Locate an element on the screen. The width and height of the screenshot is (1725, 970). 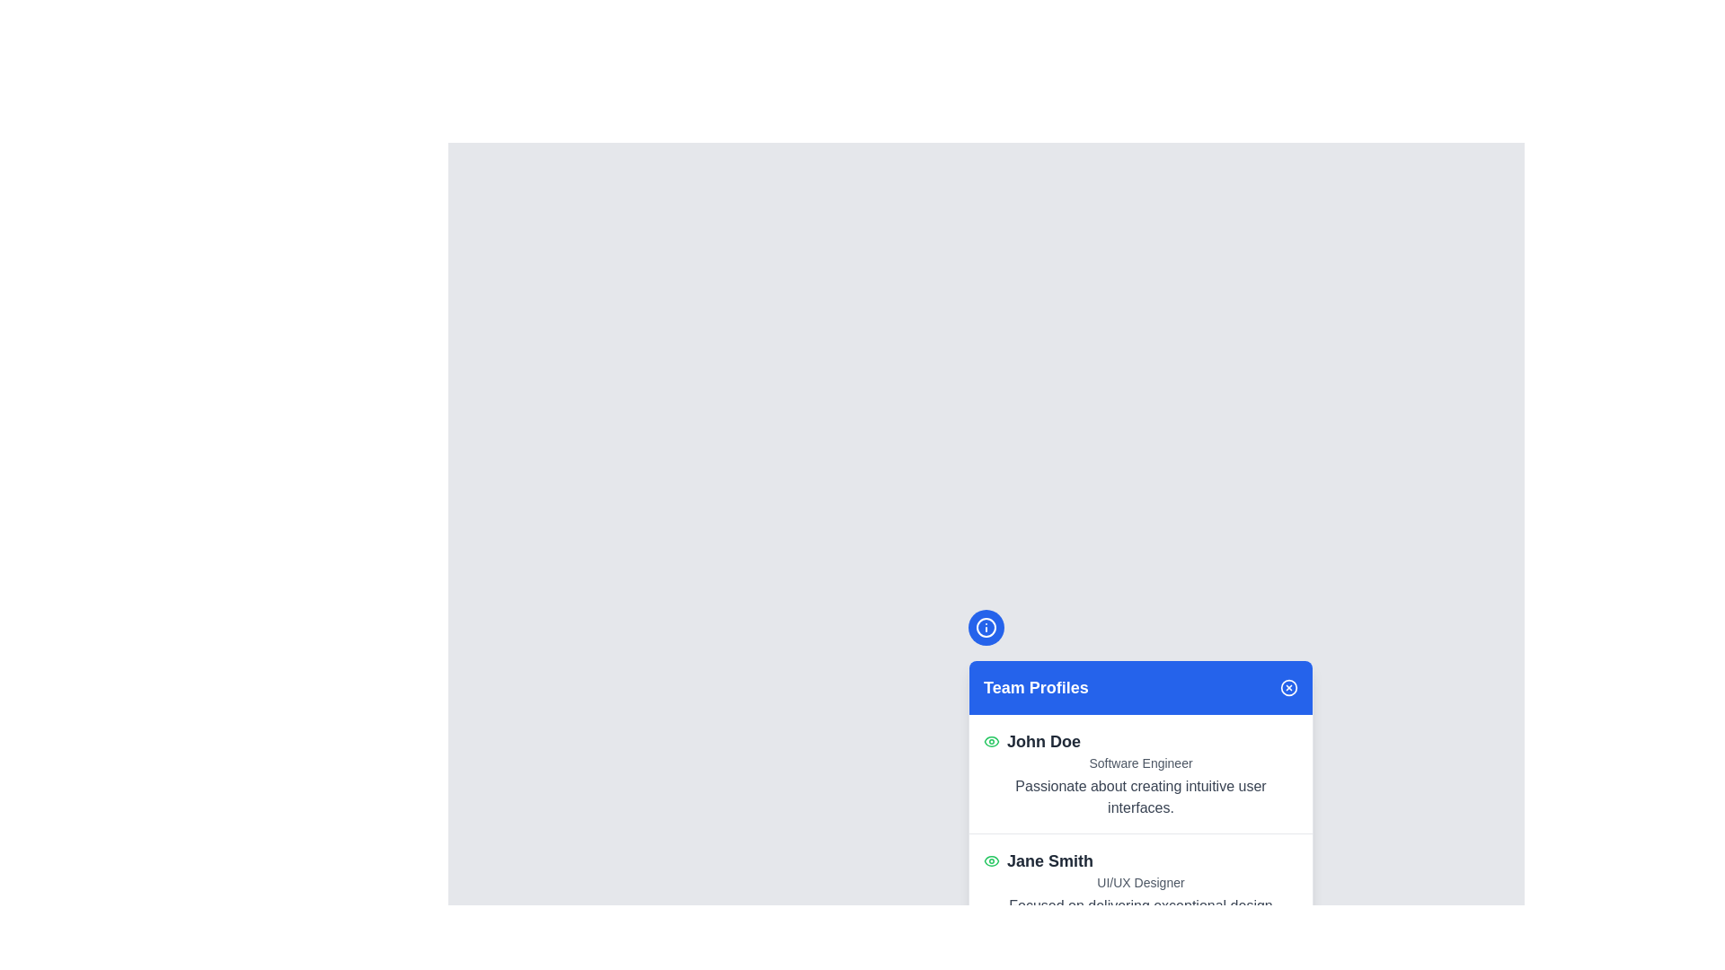
the text label displaying 'Software Engineer', which is a smaller gray font located below 'John Doe' and above the description about user interfaces is located at coordinates (1140, 763).